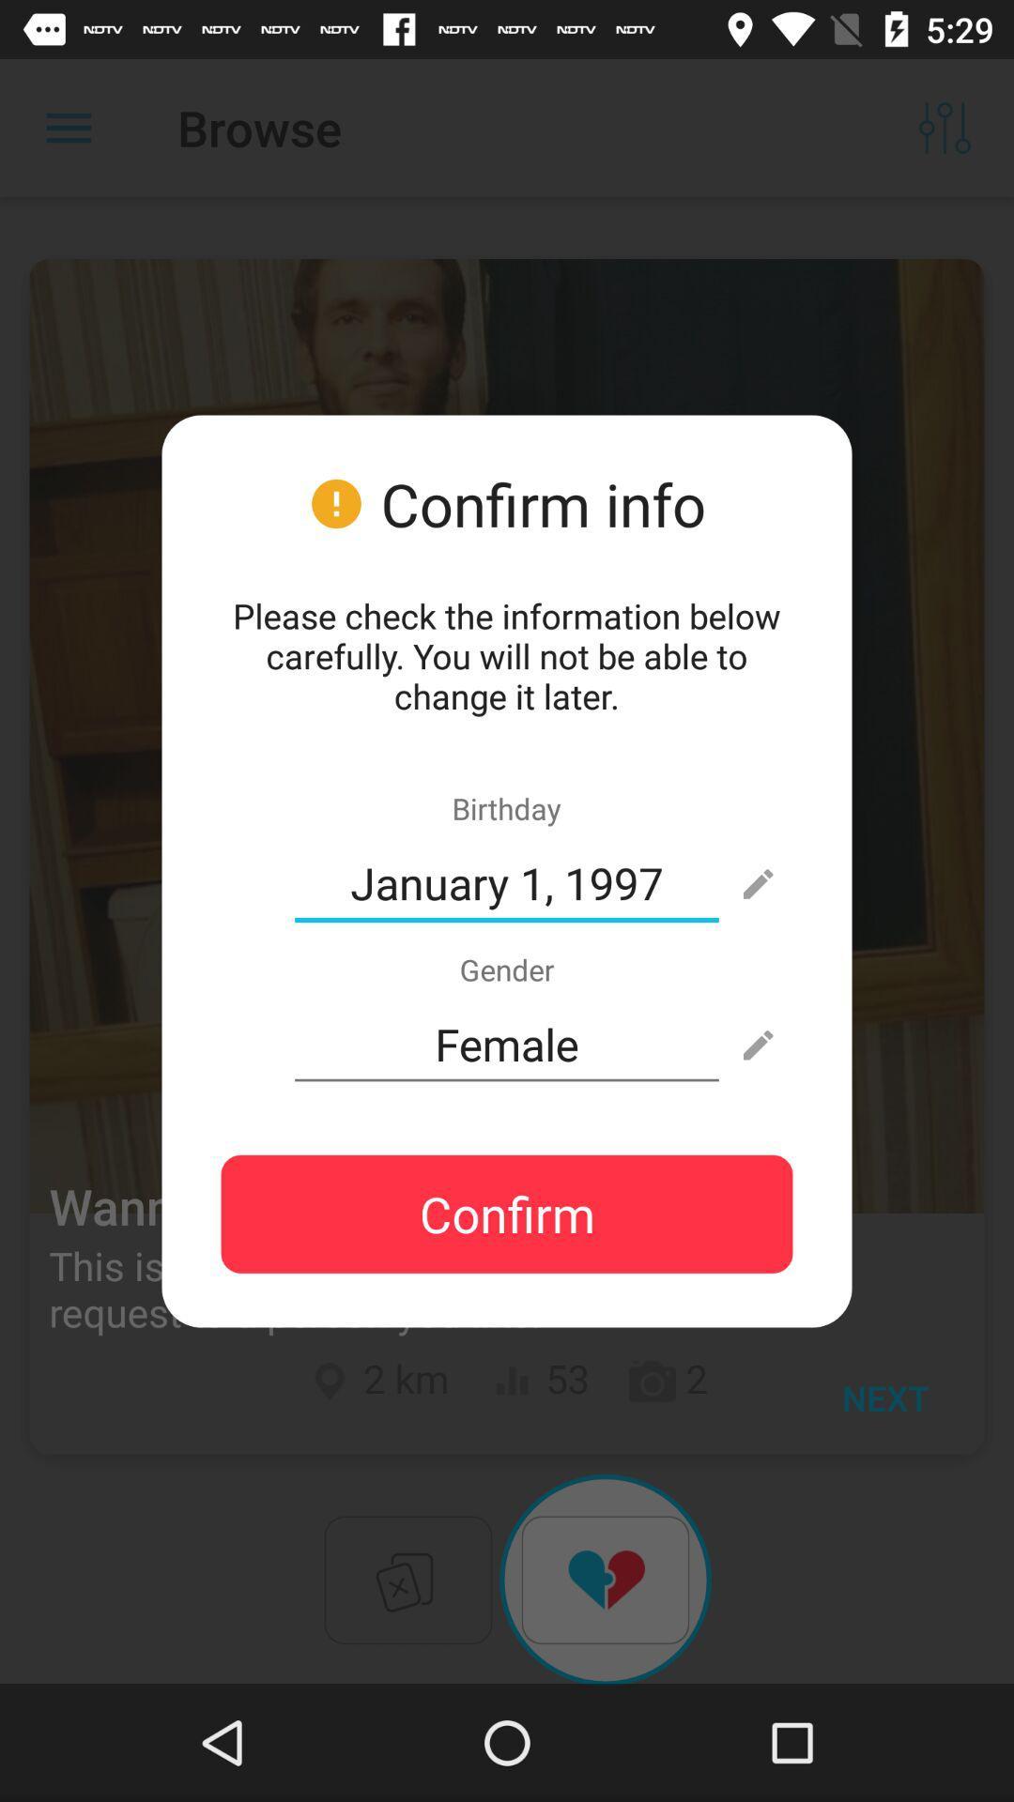  Describe the element at coordinates (507, 882) in the screenshot. I see `icon below birthday icon` at that location.